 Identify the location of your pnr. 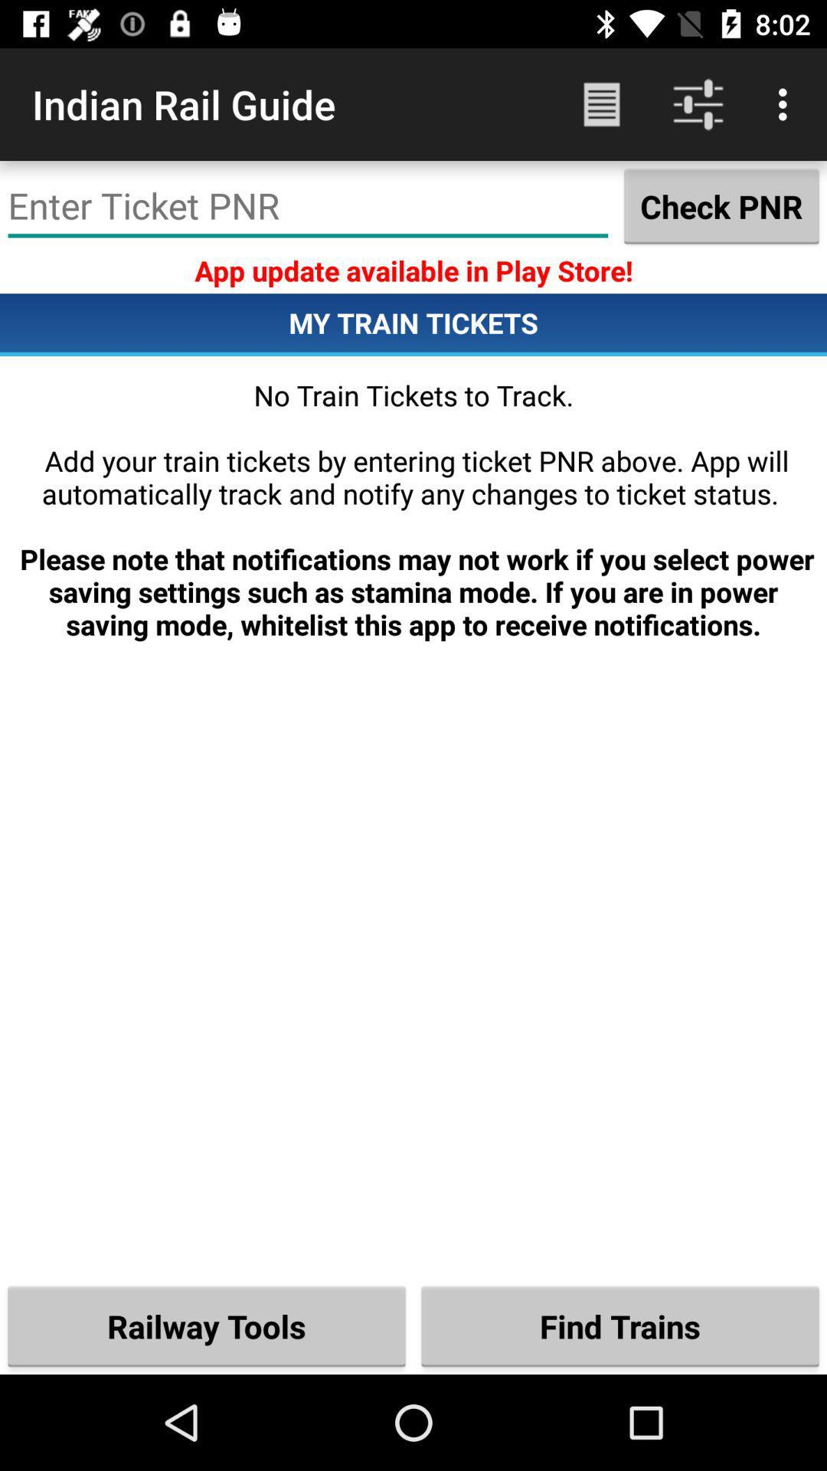
(308, 205).